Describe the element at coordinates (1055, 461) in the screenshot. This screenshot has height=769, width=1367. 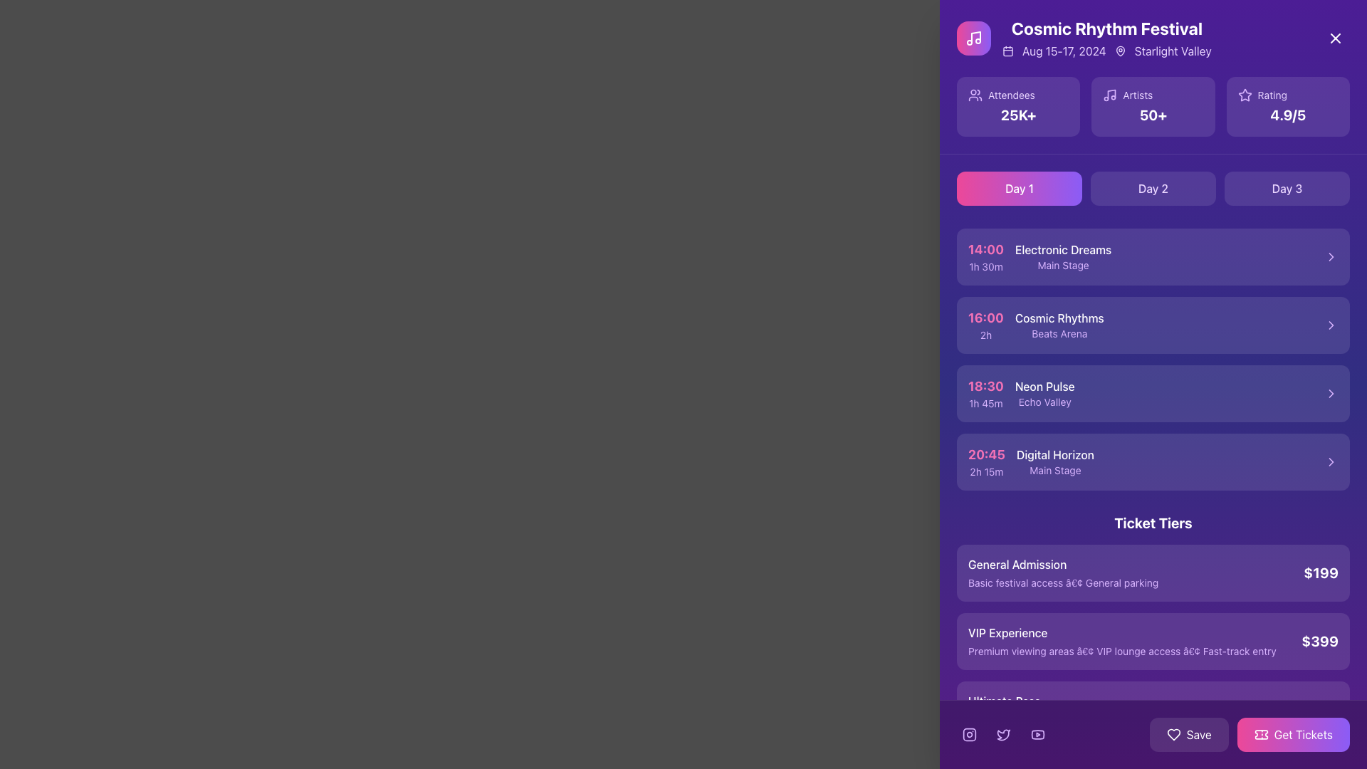
I see `the 'Digital Horizon' text label, which is part of the fourth event entry on 'Day 1' of the schedule, located below the '20:45' time information and describes the event name and location` at that location.